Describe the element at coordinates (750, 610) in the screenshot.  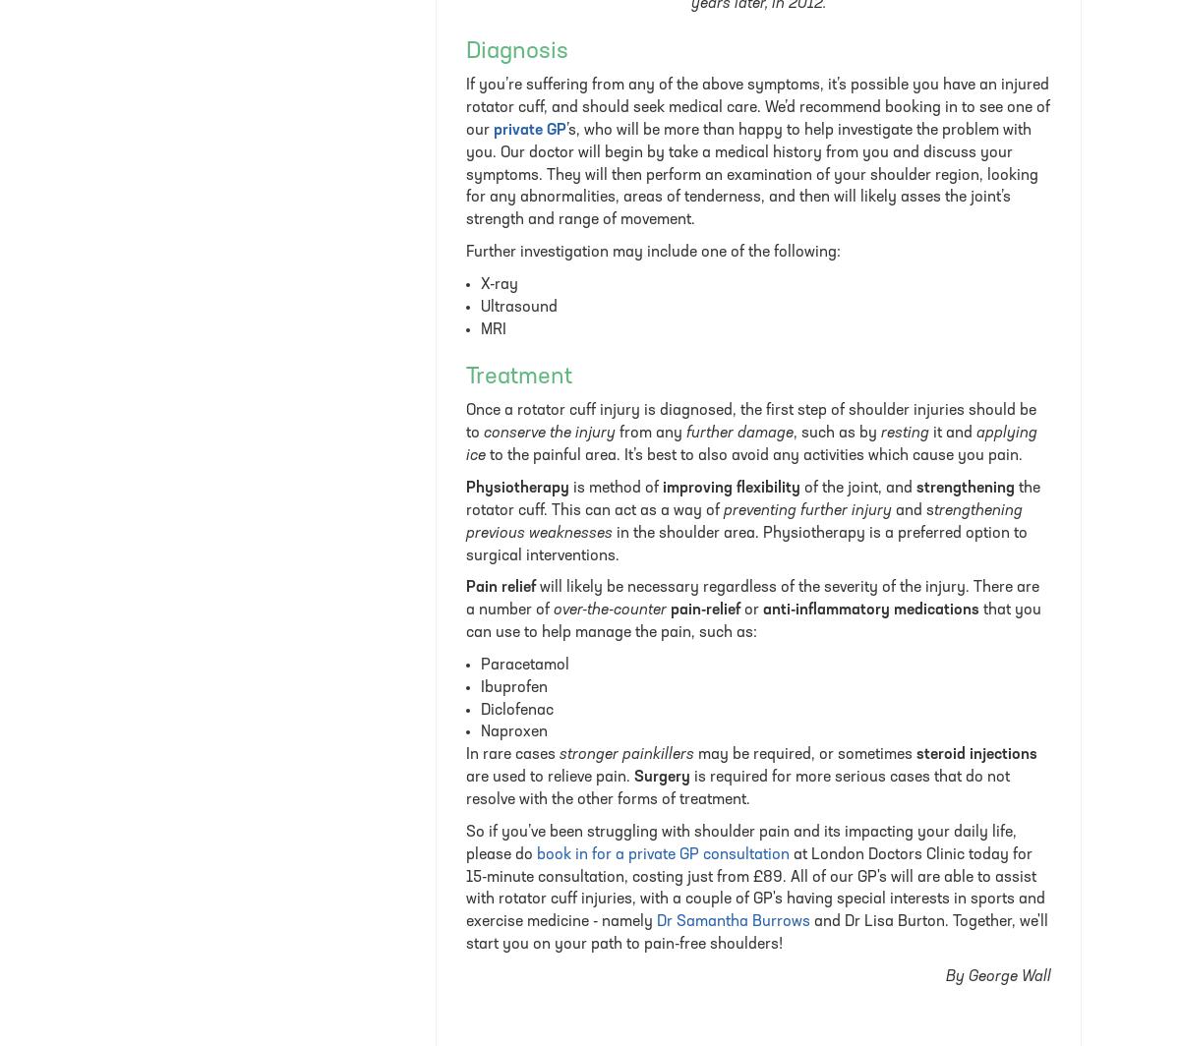
I see `'or'` at that location.